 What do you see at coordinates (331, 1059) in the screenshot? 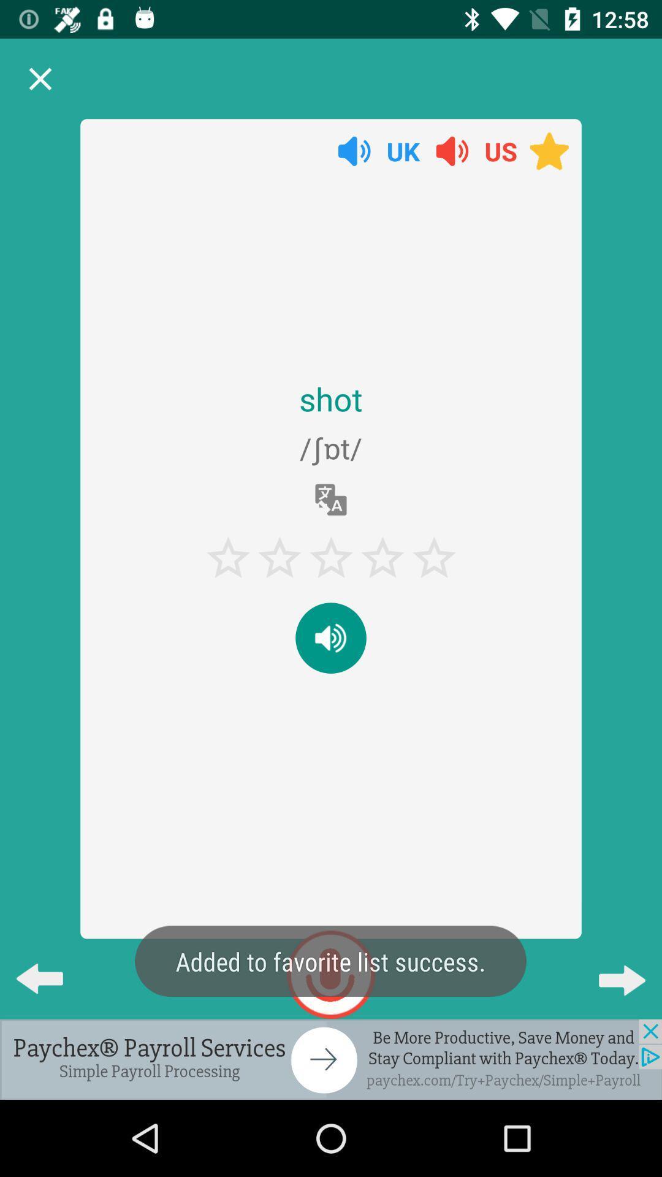
I see `open advertisement` at bounding box center [331, 1059].